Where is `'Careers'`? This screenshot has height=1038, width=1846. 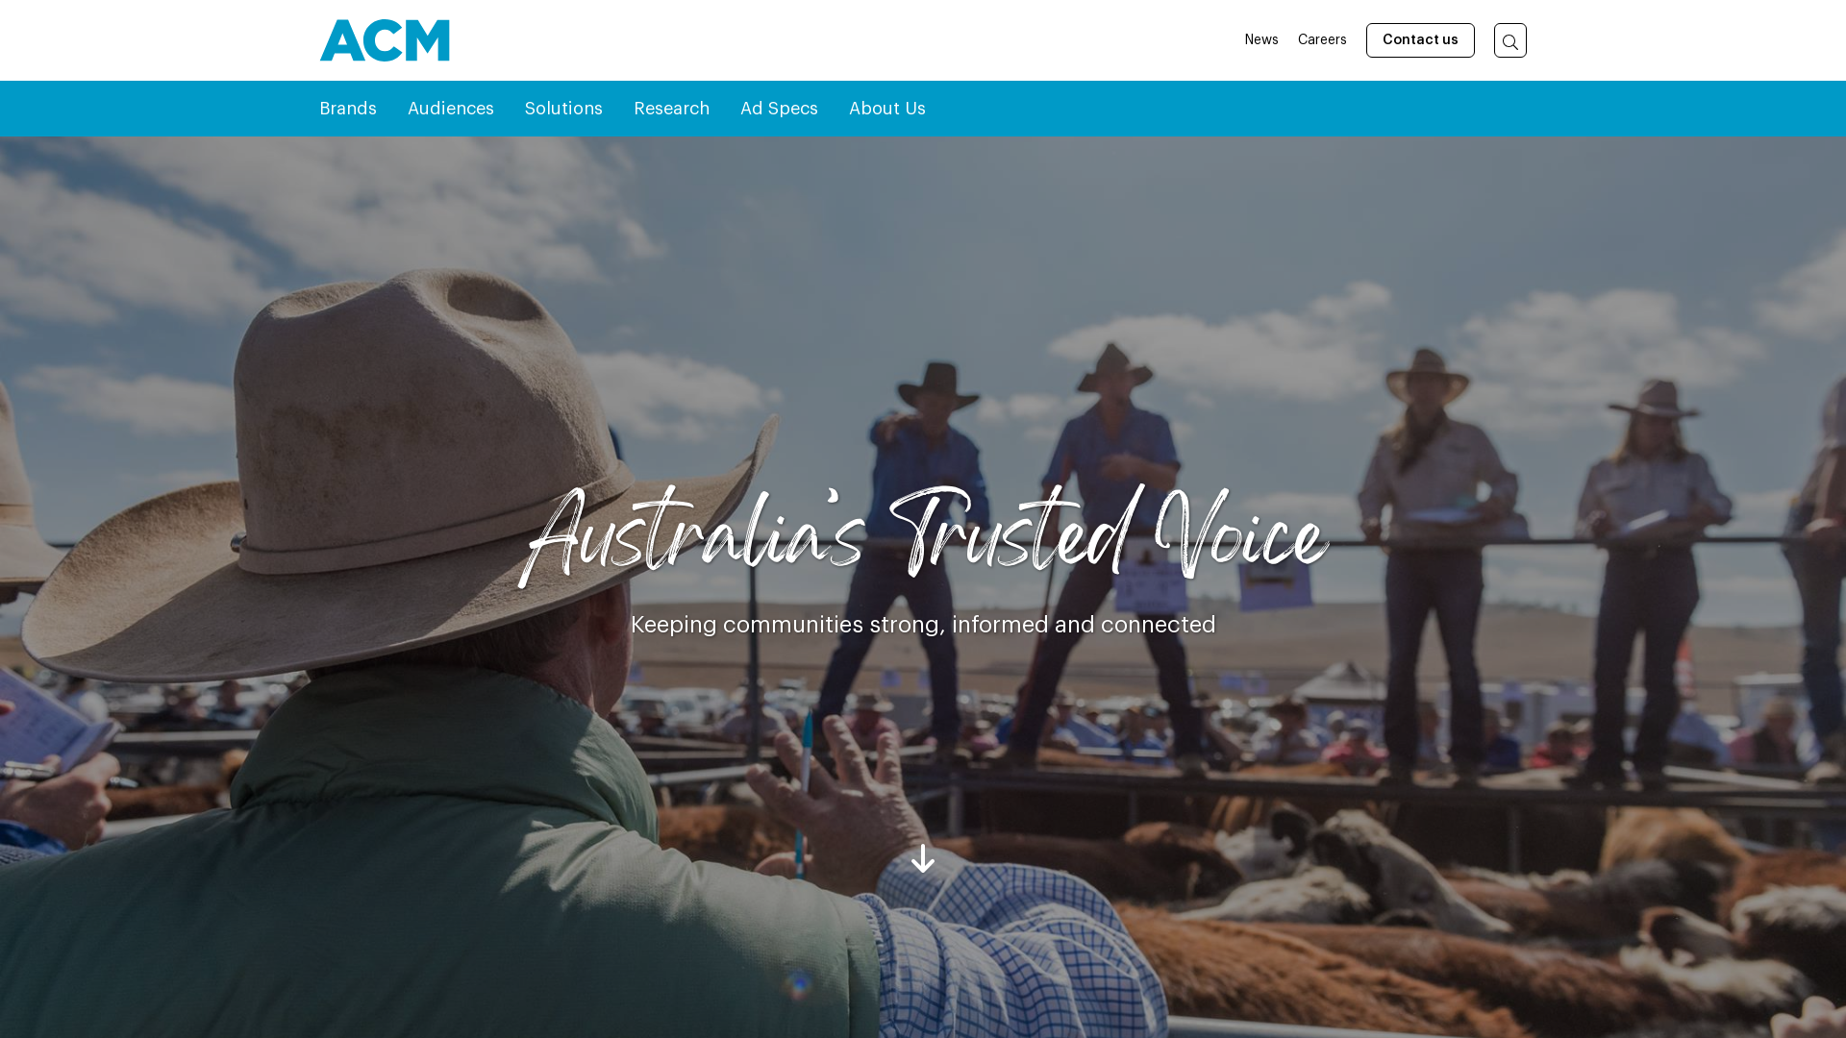
'Careers' is located at coordinates (1321, 40).